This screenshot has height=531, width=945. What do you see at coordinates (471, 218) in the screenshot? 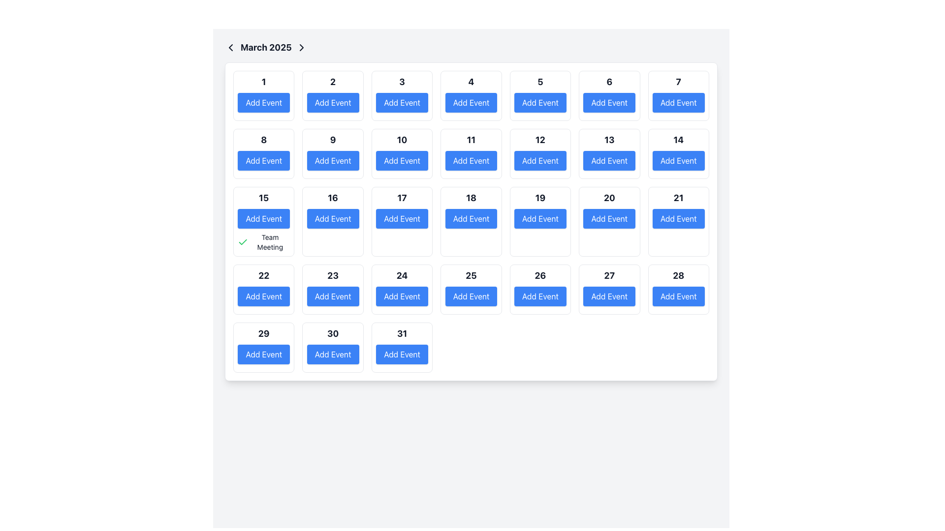
I see `the 'Add Event' button located in the calendar interface for March 18` at bounding box center [471, 218].